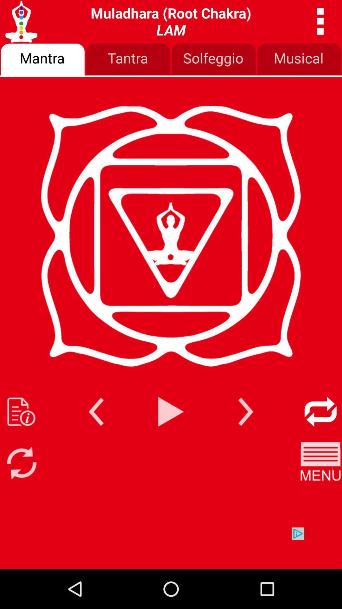 The height and width of the screenshot is (609, 342). What do you see at coordinates (171, 440) in the screenshot?
I see `the play icon` at bounding box center [171, 440].